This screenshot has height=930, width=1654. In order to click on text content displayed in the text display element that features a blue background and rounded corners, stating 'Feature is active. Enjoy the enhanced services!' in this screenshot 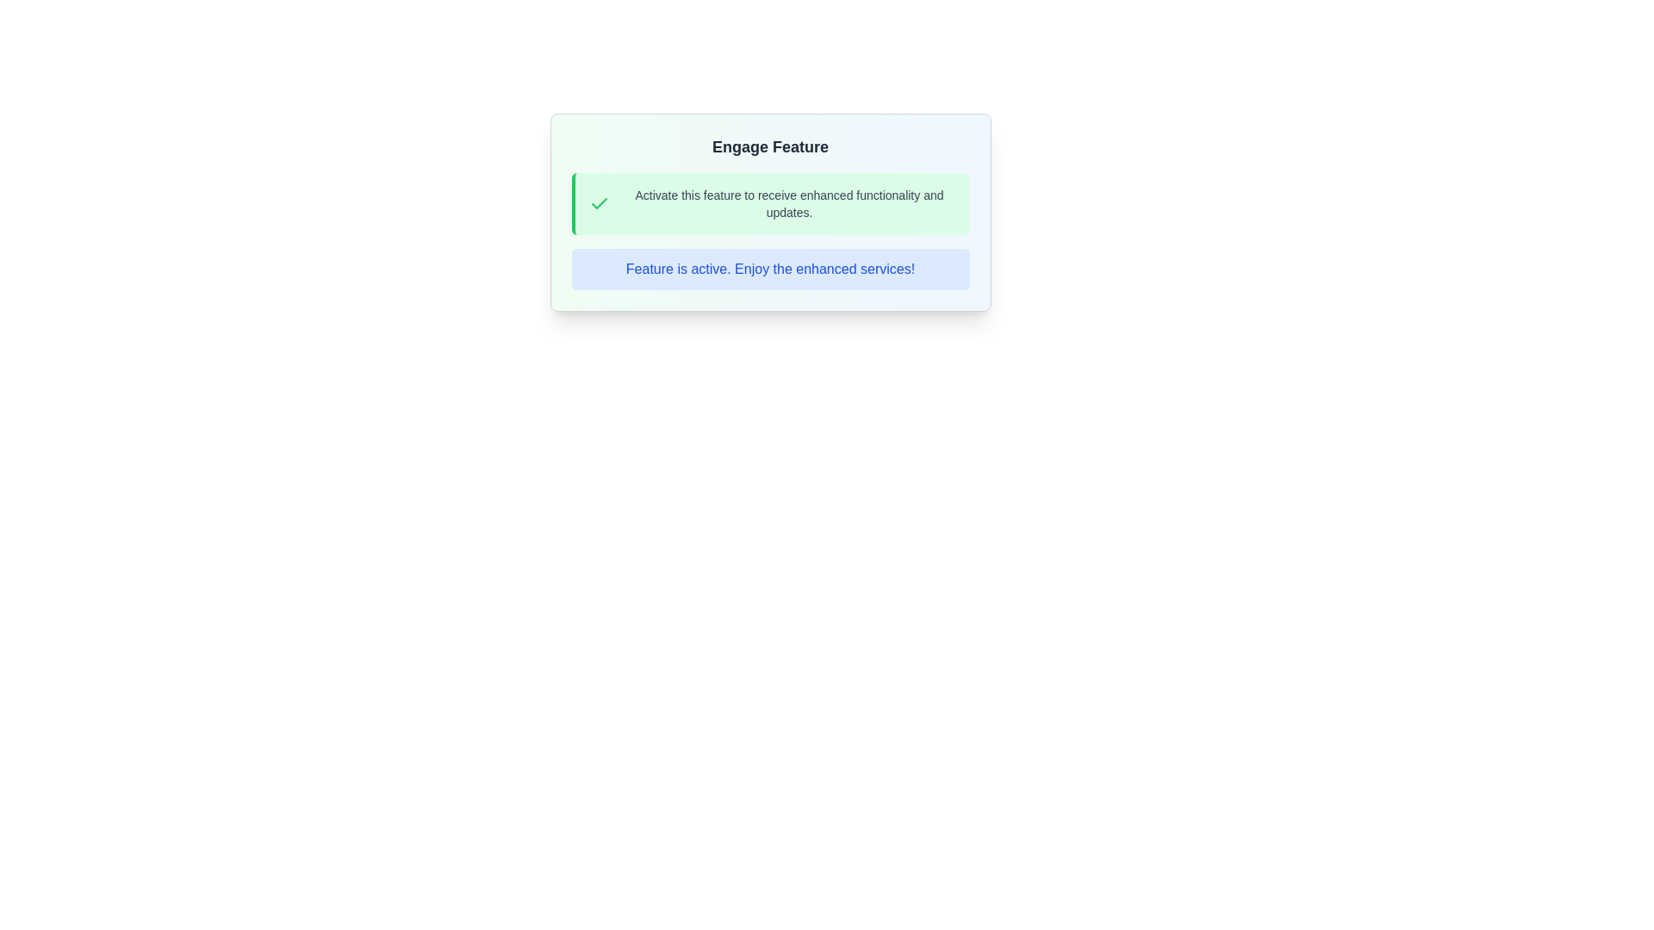, I will do `click(769, 269)`.